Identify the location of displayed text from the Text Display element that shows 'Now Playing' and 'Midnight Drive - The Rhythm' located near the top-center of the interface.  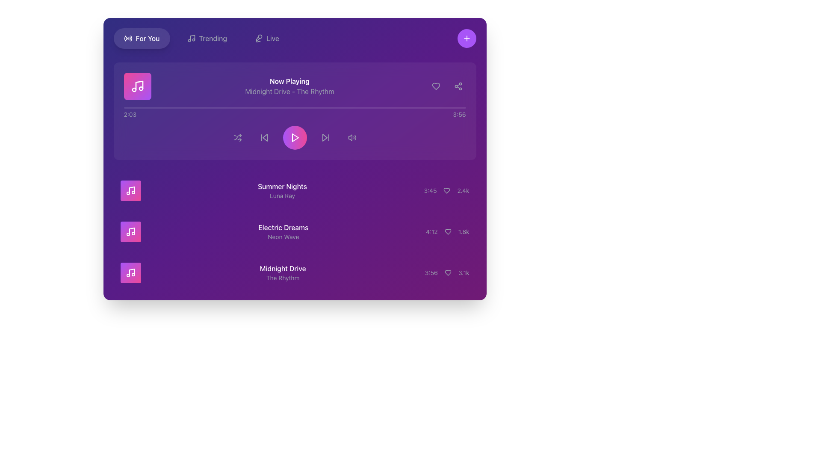
(289, 86).